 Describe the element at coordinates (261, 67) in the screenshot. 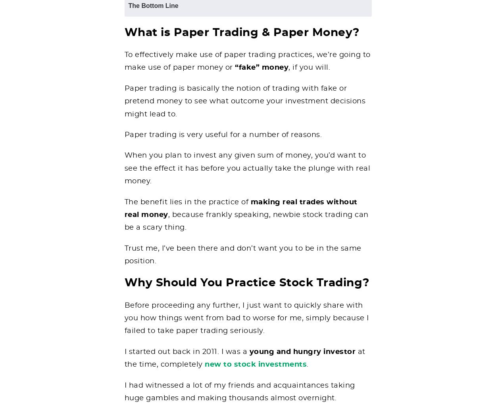

I see `'“fake” money'` at that location.